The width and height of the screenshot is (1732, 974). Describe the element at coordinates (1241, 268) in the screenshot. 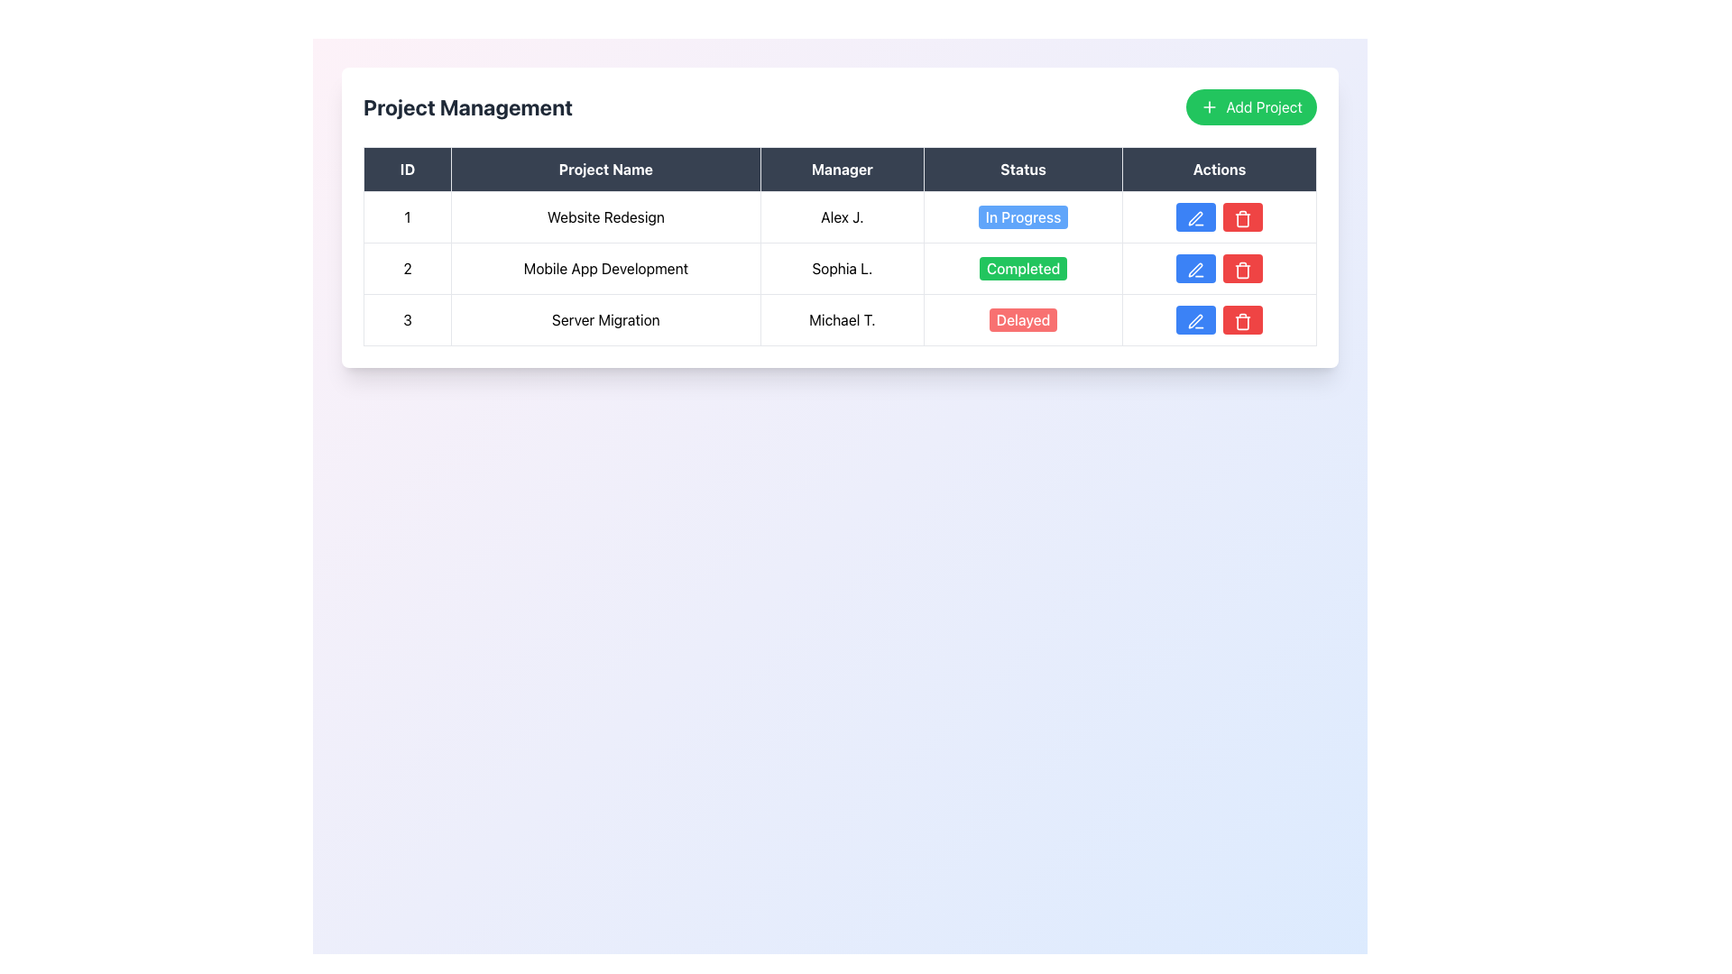

I see `the delete button located in the third row of the 'Actions' column, which is the second button to the right of the blue edit button` at that location.